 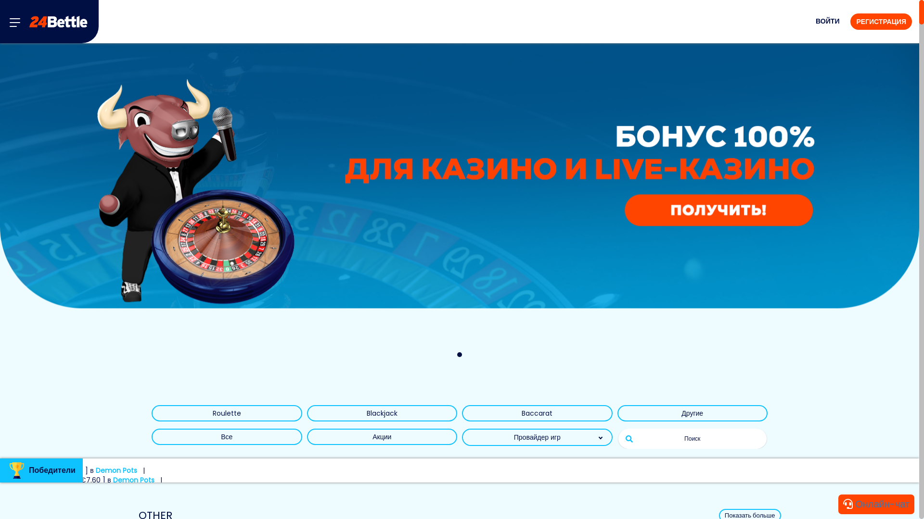 I want to click on 'Banner link', so click(x=0, y=202).